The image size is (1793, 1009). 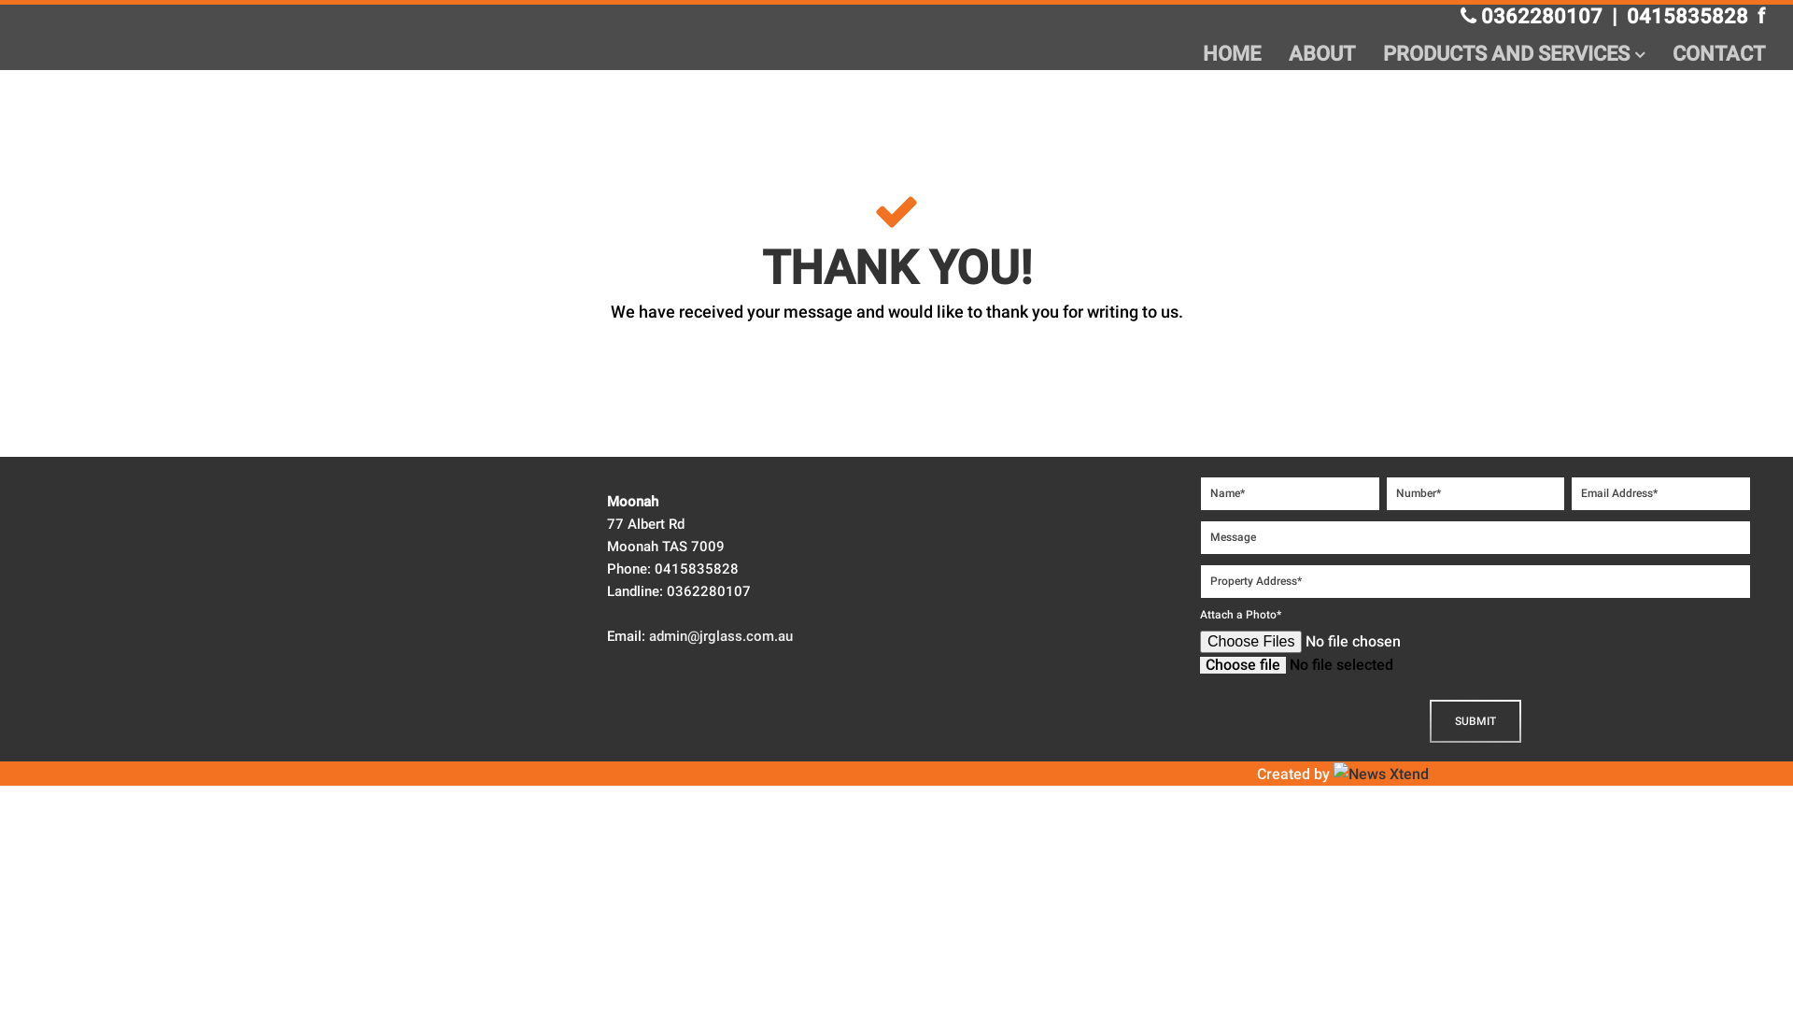 What do you see at coordinates (1718, 53) in the screenshot?
I see `'CONTACT'` at bounding box center [1718, 53].